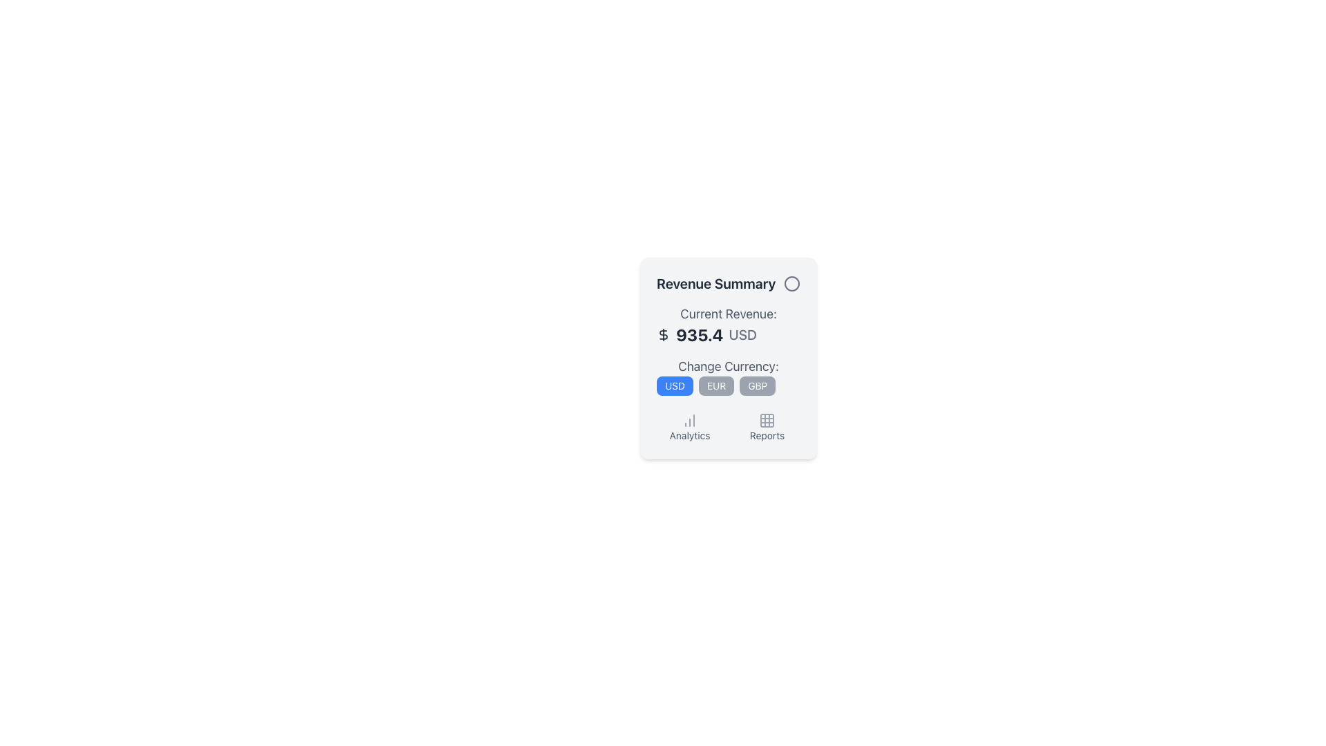 This screenshot has width=1326, height=746. I want to click on the Interactive button labeled 'Analytics' which features a bar chart icon, so click(689, 426).